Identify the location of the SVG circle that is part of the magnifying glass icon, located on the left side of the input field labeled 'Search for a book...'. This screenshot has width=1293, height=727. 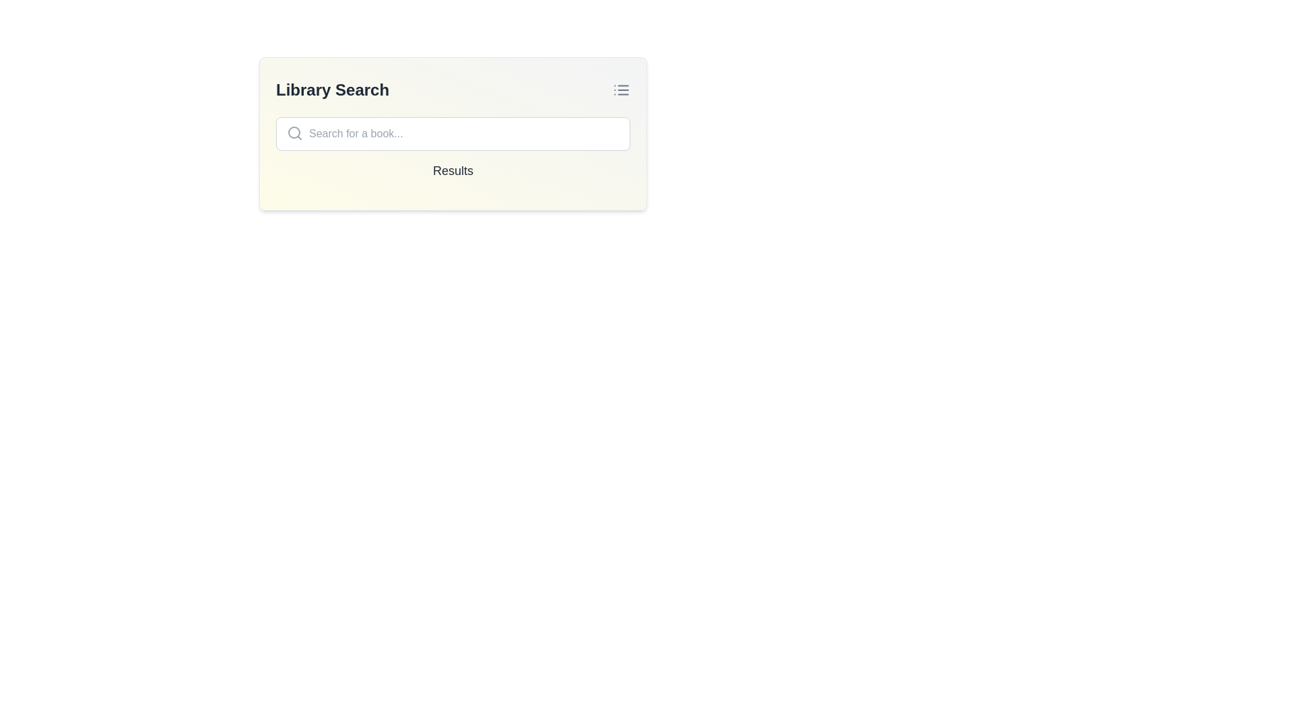
(293, 132).